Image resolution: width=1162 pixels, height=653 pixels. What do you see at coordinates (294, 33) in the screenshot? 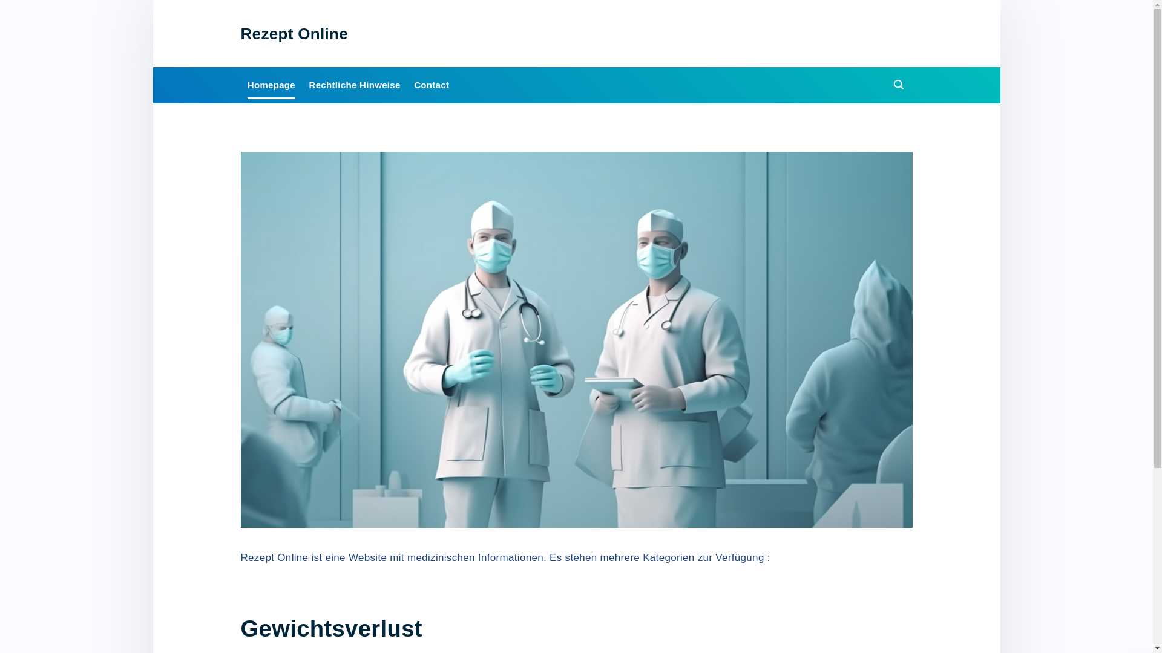
I see `'Rezept Online'` at bounding box center [294, 33].